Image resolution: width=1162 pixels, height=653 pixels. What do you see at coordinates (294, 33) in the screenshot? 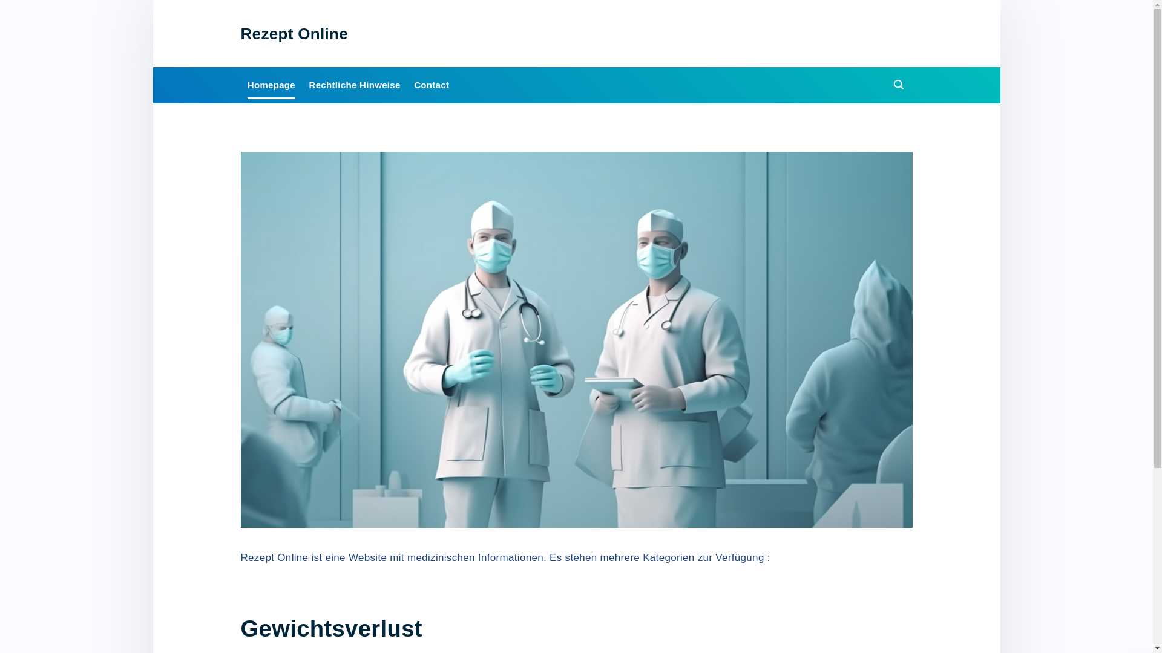
I see `'Rezept Online'` at bounding box center [294, 33].